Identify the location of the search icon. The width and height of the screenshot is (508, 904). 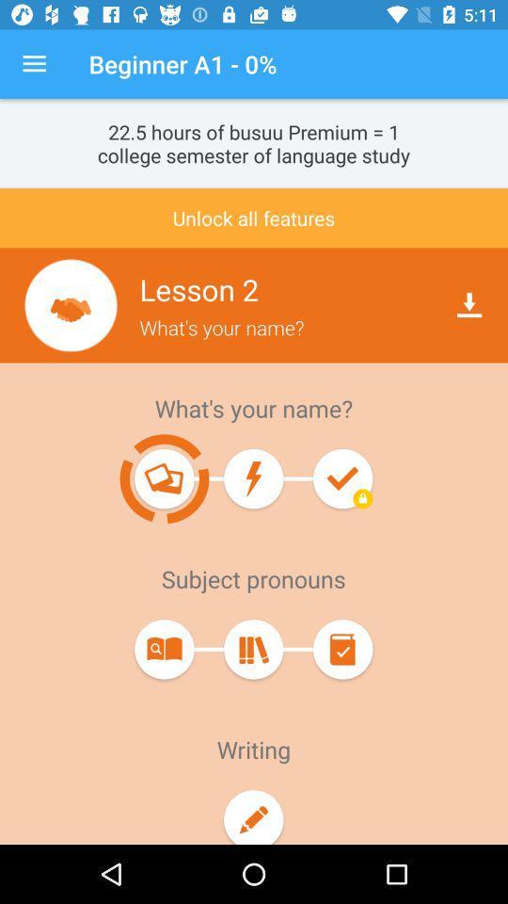
(165, 650).